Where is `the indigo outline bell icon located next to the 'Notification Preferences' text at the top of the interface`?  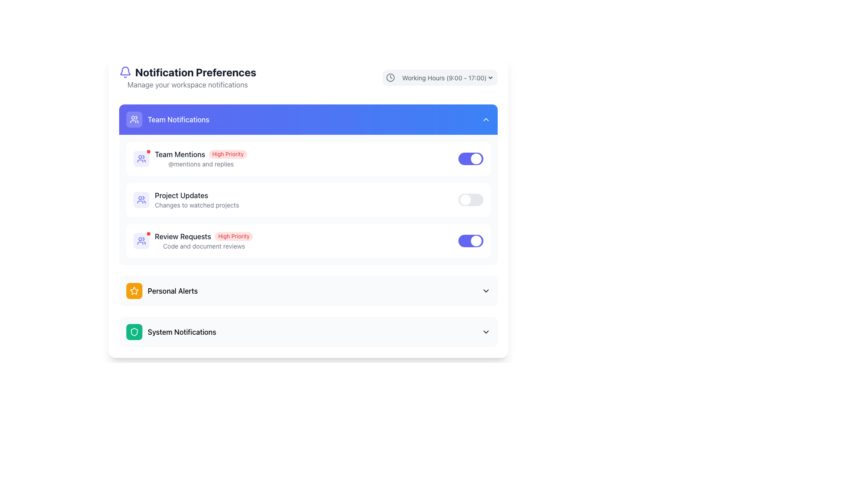
the indigo outline bell icon located next to the 'Notification Preferences' text at the top of the interface is located at coordinates (125, 72).